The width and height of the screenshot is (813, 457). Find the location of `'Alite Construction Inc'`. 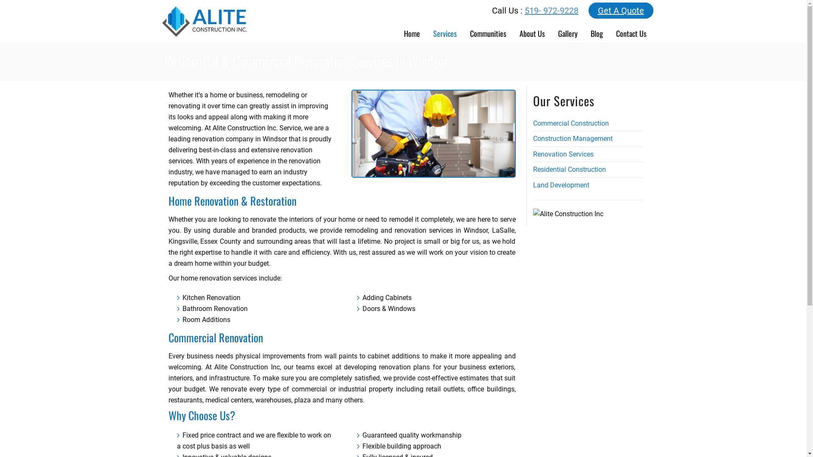

'Alite Construction Inc' is located at coordinates (567, 213).